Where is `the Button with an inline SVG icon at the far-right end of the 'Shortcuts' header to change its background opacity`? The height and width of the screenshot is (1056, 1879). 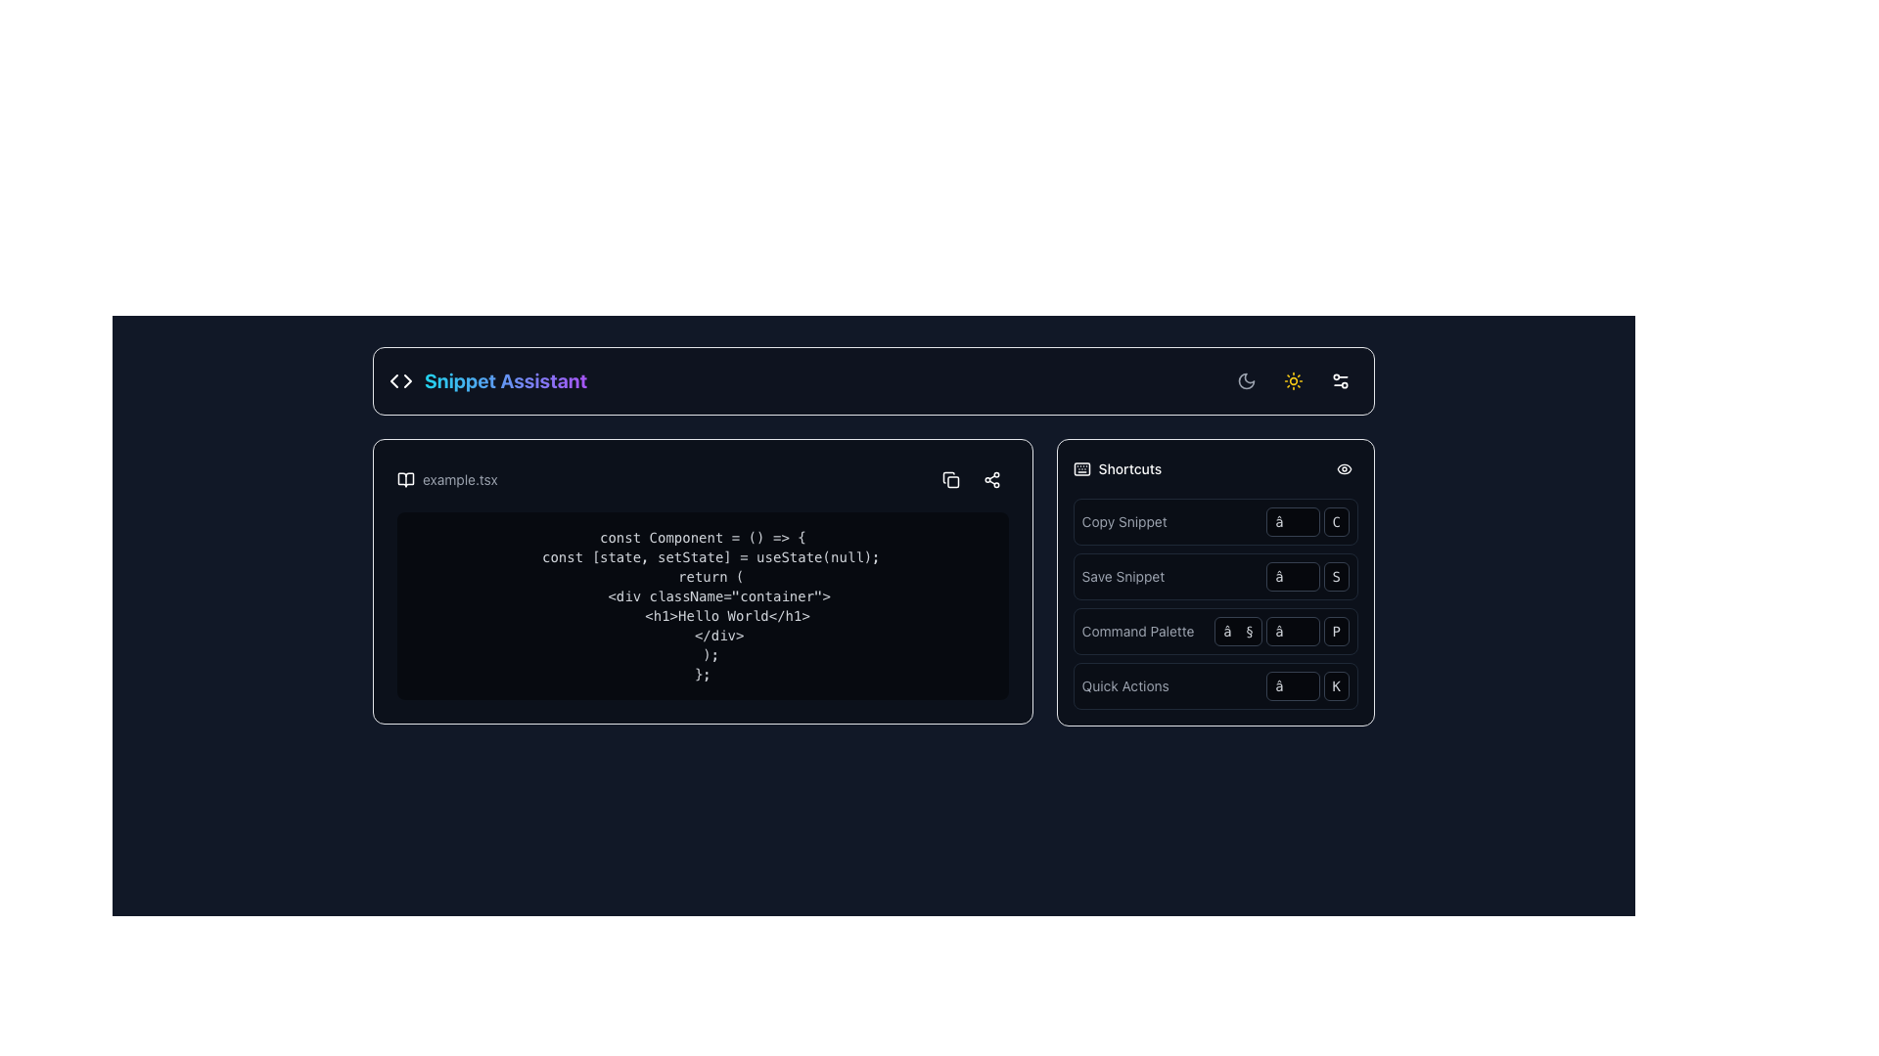 the Button with an inline SVG icon at the far-right end of the 'Shortcuts' header to change its background opacity is located at coordinates (1343, 468).